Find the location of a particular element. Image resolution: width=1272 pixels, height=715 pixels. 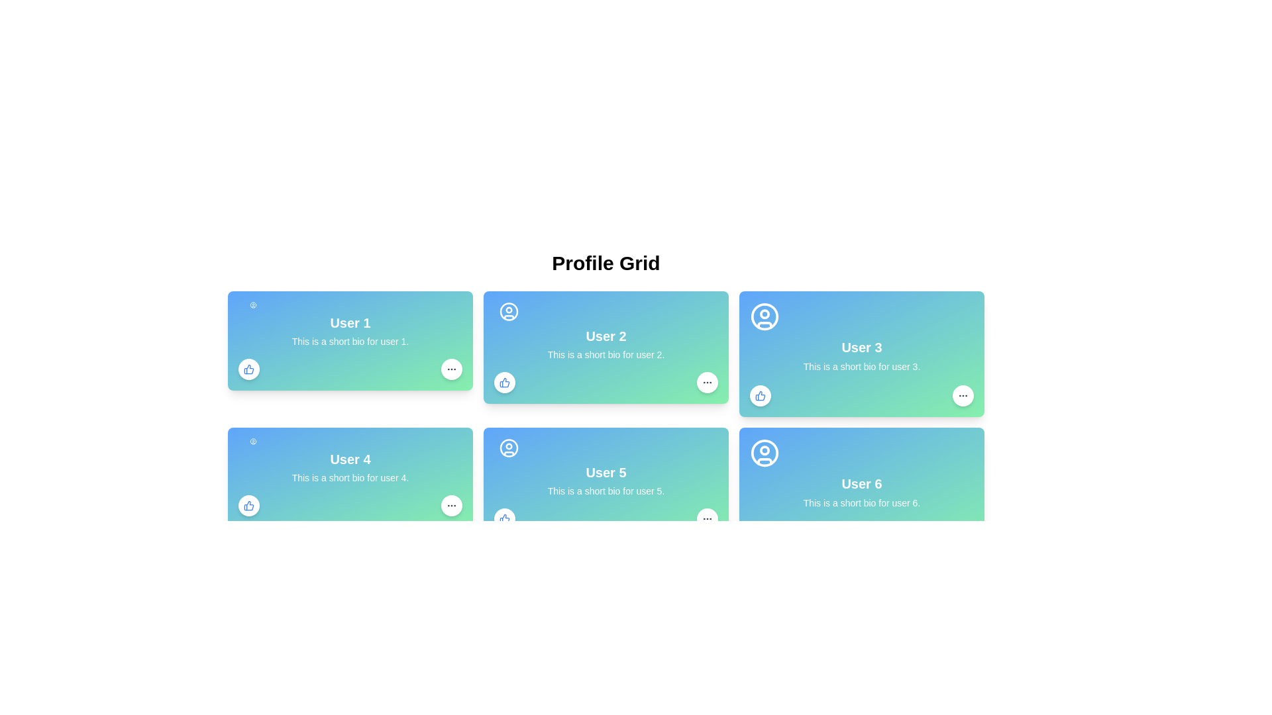

the user profile icon for 'User 3' located in the top-left corner of the profile card, which symbolizes the user's identity is located at coordinates (765, 316).